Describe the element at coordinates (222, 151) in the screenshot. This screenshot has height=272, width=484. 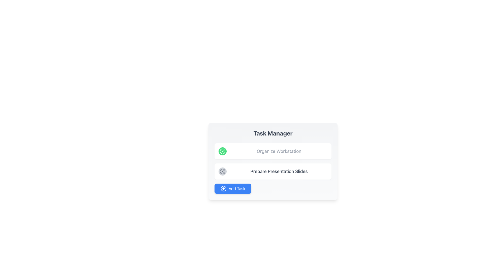
I see `the checkmark circle icon indicating the completion status of the 'Organize Workstation' task in the Task Manager interface` at that location.